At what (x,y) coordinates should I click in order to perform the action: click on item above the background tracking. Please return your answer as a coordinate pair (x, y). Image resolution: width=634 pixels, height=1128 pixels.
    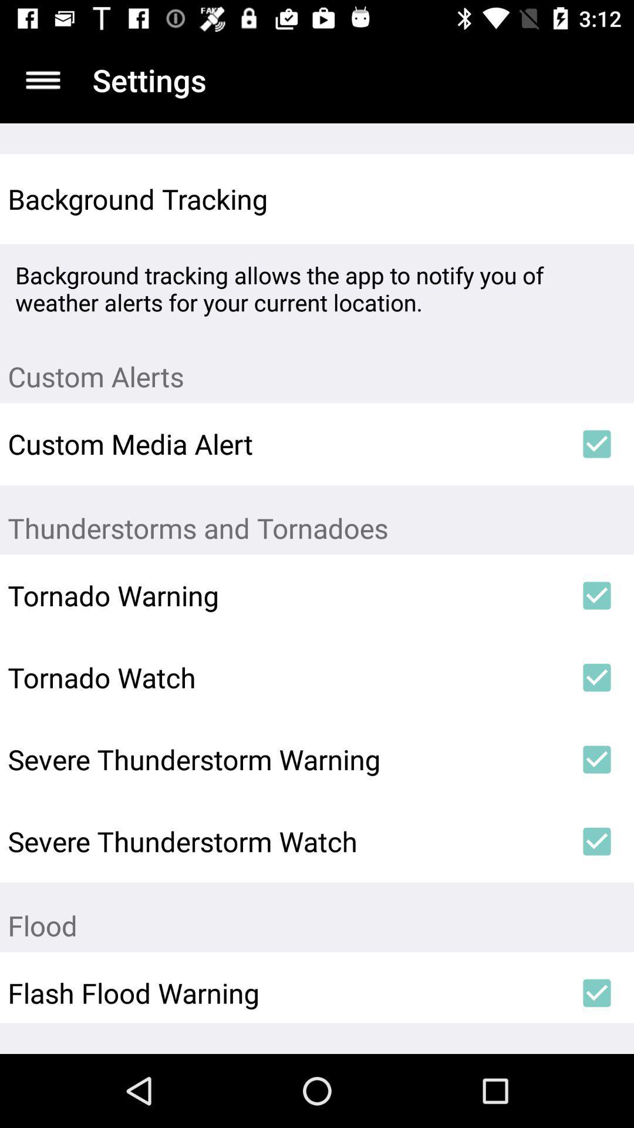
    Looking at the image, I should click on (42, 79).